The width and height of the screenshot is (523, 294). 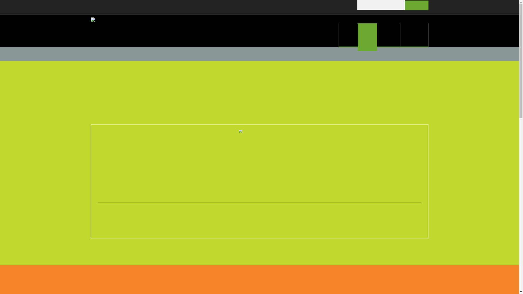 I want to click on 'Home', so click(x=348, y=35).